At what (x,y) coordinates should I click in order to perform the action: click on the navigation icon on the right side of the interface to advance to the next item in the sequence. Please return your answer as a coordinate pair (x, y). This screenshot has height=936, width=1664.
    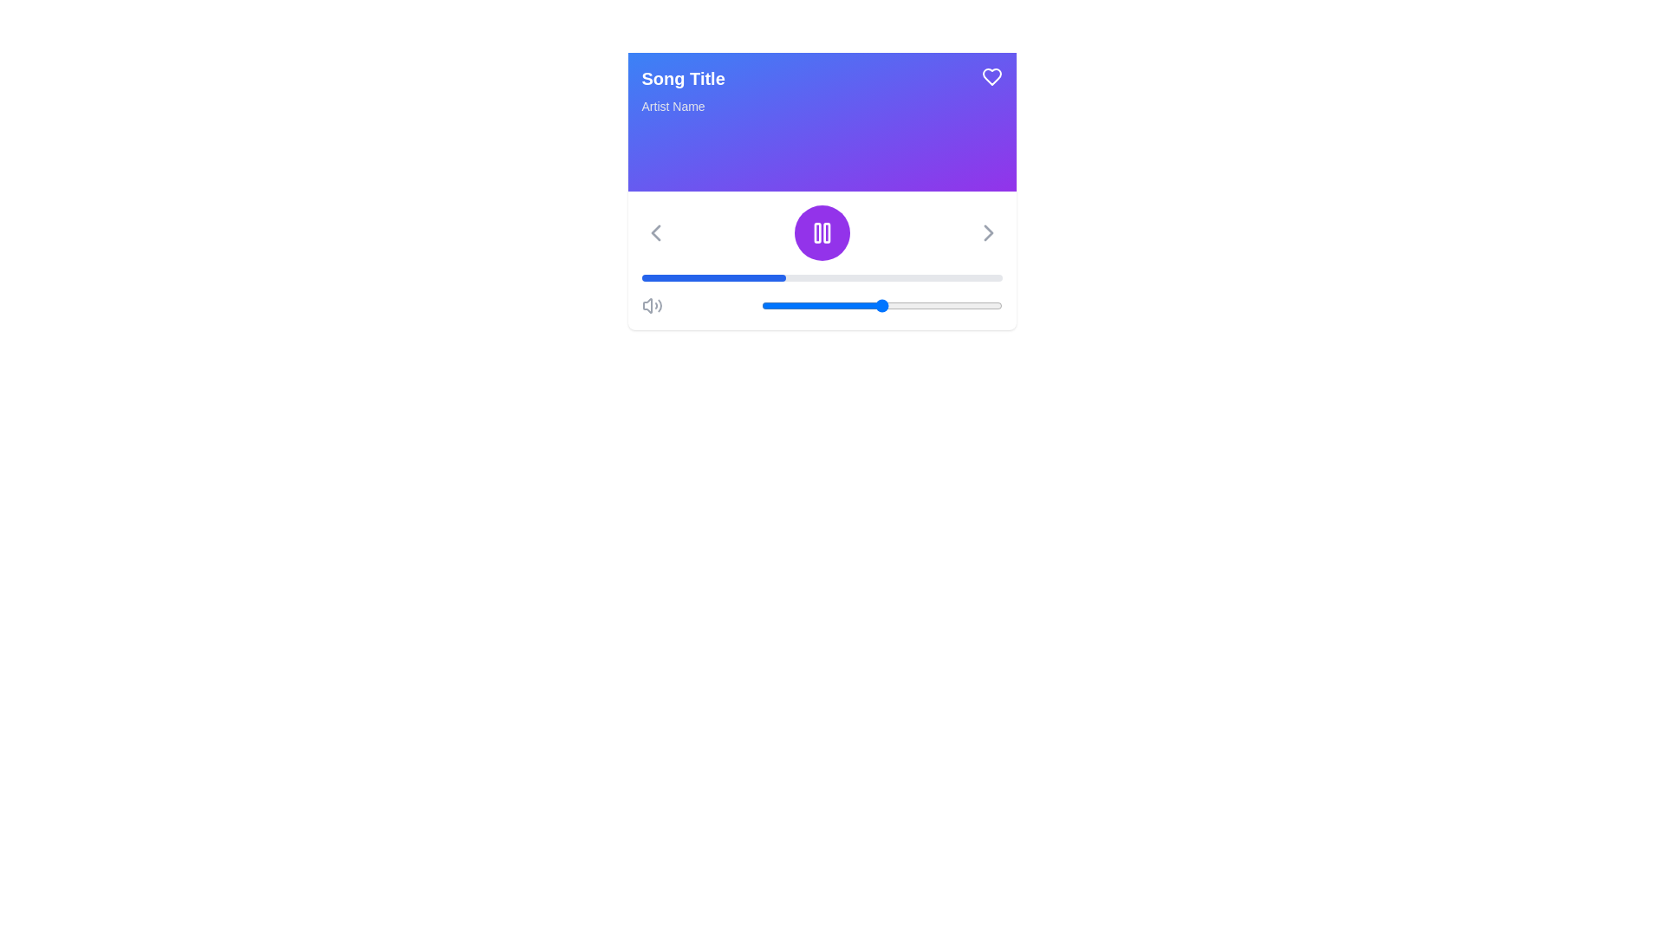
    Looking at the image, I should click on (988, 232).